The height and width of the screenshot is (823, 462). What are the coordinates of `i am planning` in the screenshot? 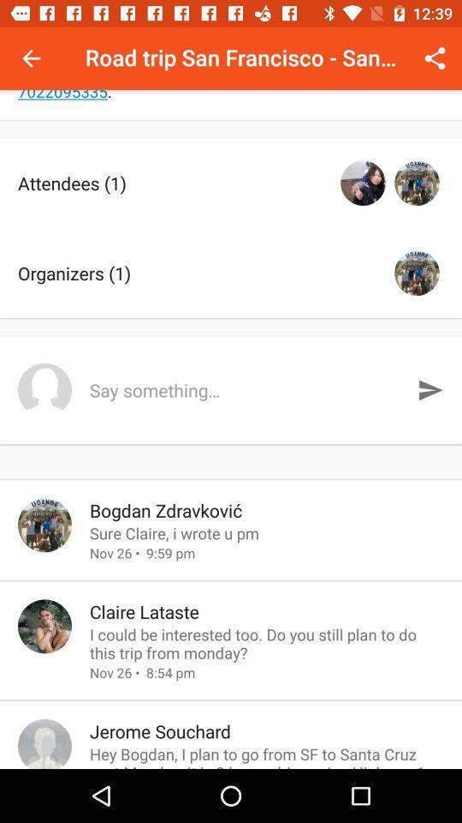 It's located at (231, 104).